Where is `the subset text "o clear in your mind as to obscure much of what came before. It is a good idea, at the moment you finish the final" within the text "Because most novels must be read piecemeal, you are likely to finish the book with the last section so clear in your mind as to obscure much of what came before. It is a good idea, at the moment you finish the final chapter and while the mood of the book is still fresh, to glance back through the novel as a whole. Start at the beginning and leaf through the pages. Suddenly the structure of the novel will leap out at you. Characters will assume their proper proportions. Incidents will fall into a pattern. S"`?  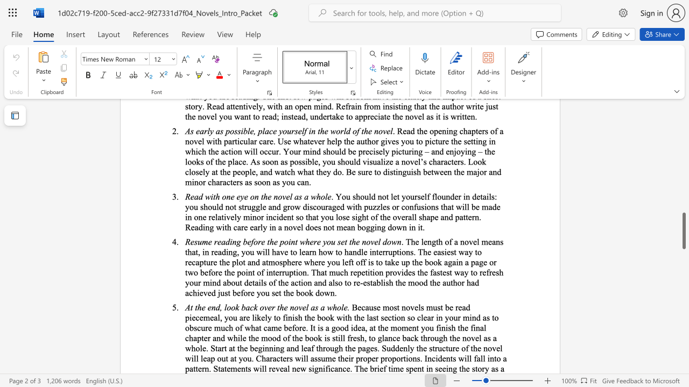 the subset text "o clear in your mind as to obscure much of what came before. It is a good idea, at the moment you finish the final" within the text "Because most novels must be read piecemeal, you are likely to finish the book with the last section so clear in your mind as to obscure much of what came before. It is a good idea, at the moment you finish the final chapter and while the mood of the book is still fresh, to glance back through the novel as a whole. Start at the beginning and leaf through the pages. Suddenly the structure of the novel will leap out at you. Characters will assume their proper proportions. Incidents will fall into a pattern. S" is located at coordinates (410, 317).